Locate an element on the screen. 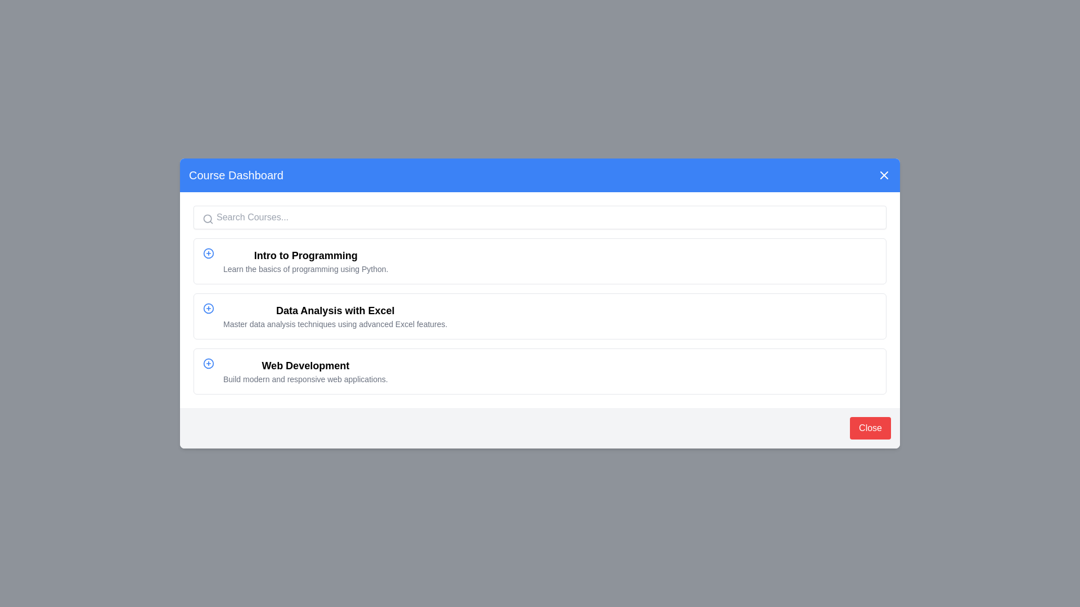  the Circular SVG graphic that is part of the search icon in the search input bar located near the top of the interface is located at coordinates (208, 219).